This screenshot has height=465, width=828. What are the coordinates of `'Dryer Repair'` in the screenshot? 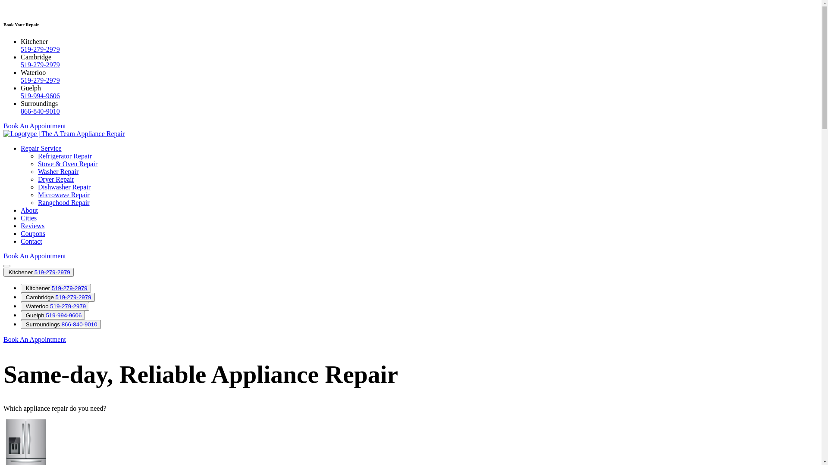 It's located at (55, 179).